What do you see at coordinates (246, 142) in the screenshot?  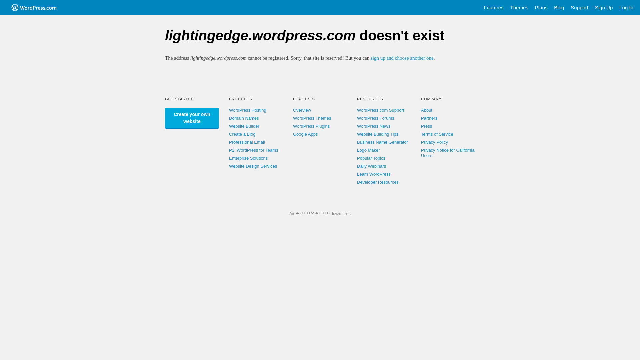 I see `'Professional Email'` at bounding box center [246, 142].